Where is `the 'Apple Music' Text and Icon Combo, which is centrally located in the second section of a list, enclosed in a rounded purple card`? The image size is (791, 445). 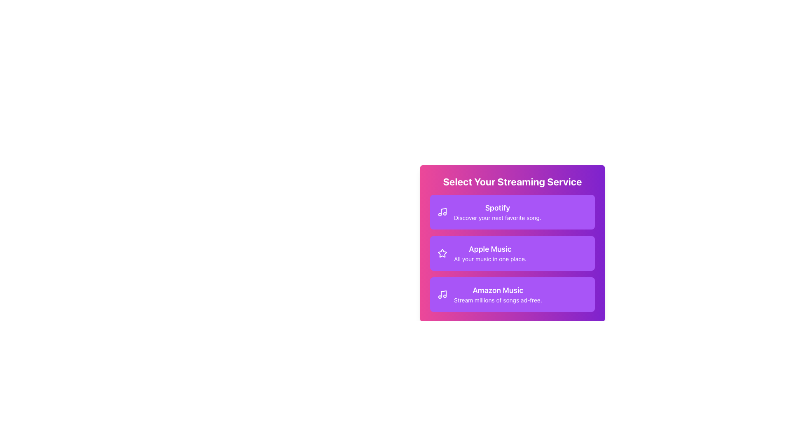 the 'Apple Music' Text and Icon Combo, which is centrally located in the second section of a list, enclosed in a rounded purple card is located at coordinates (482, 253).